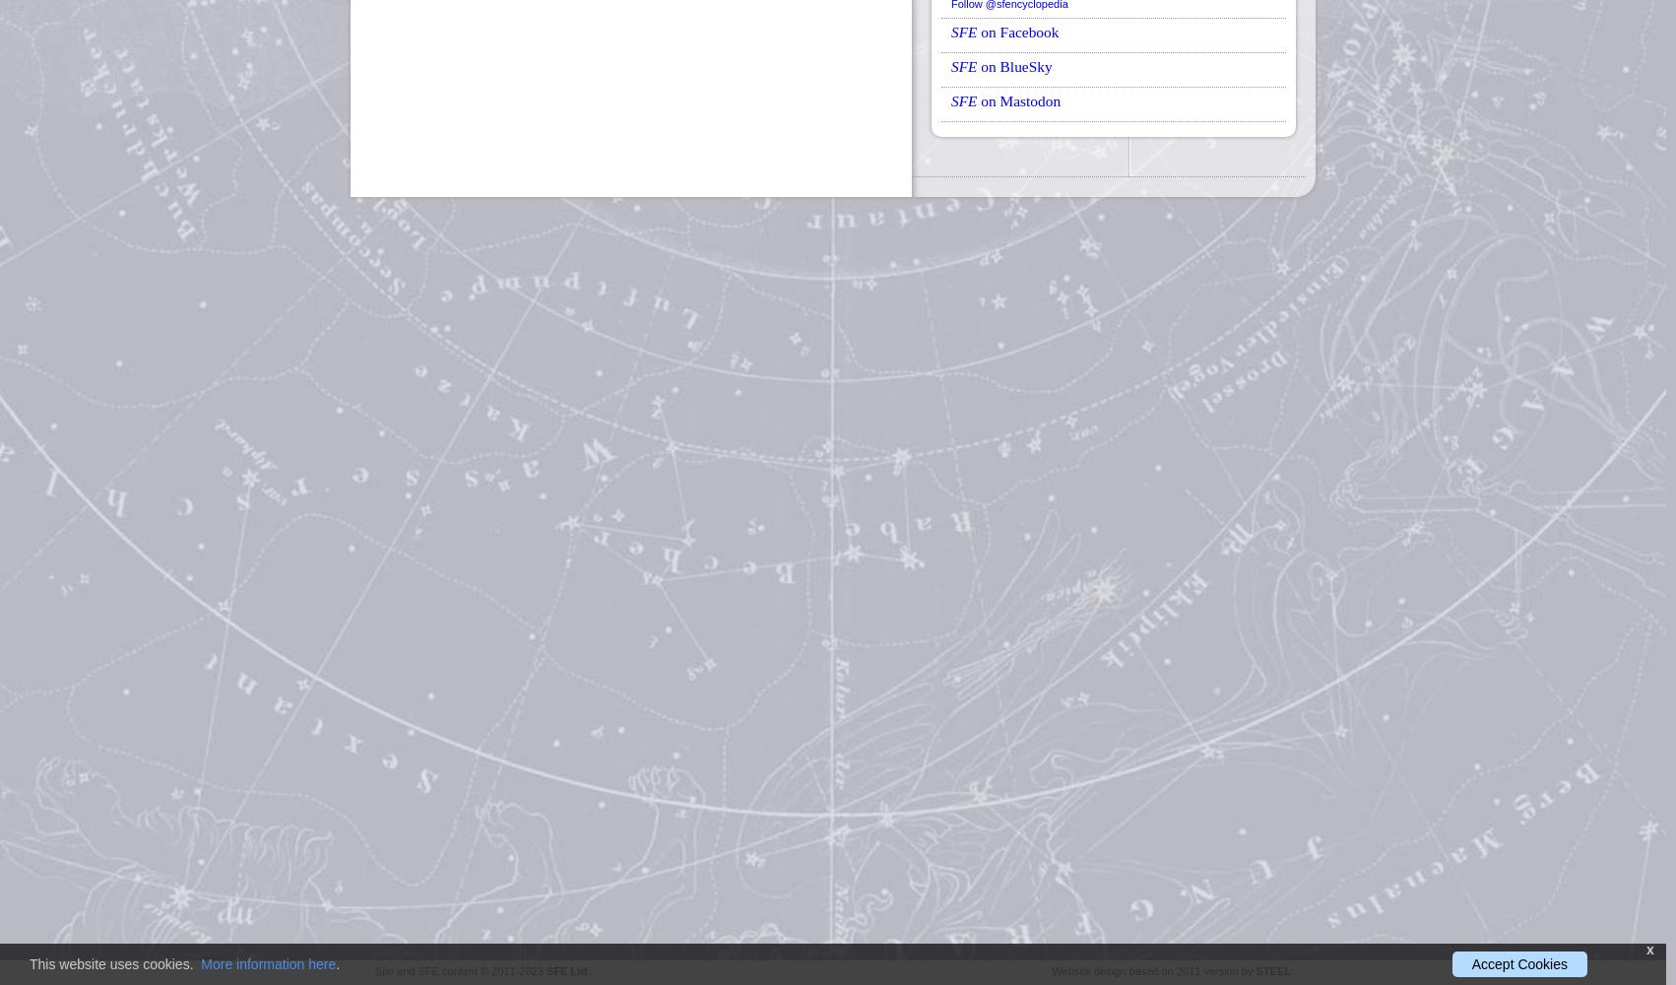 This screenshot has width=1676, height=985. What do you see at coordinates (267, 963) in the screenshot?
I see `'More information here'` at bounding box center [267, 963].